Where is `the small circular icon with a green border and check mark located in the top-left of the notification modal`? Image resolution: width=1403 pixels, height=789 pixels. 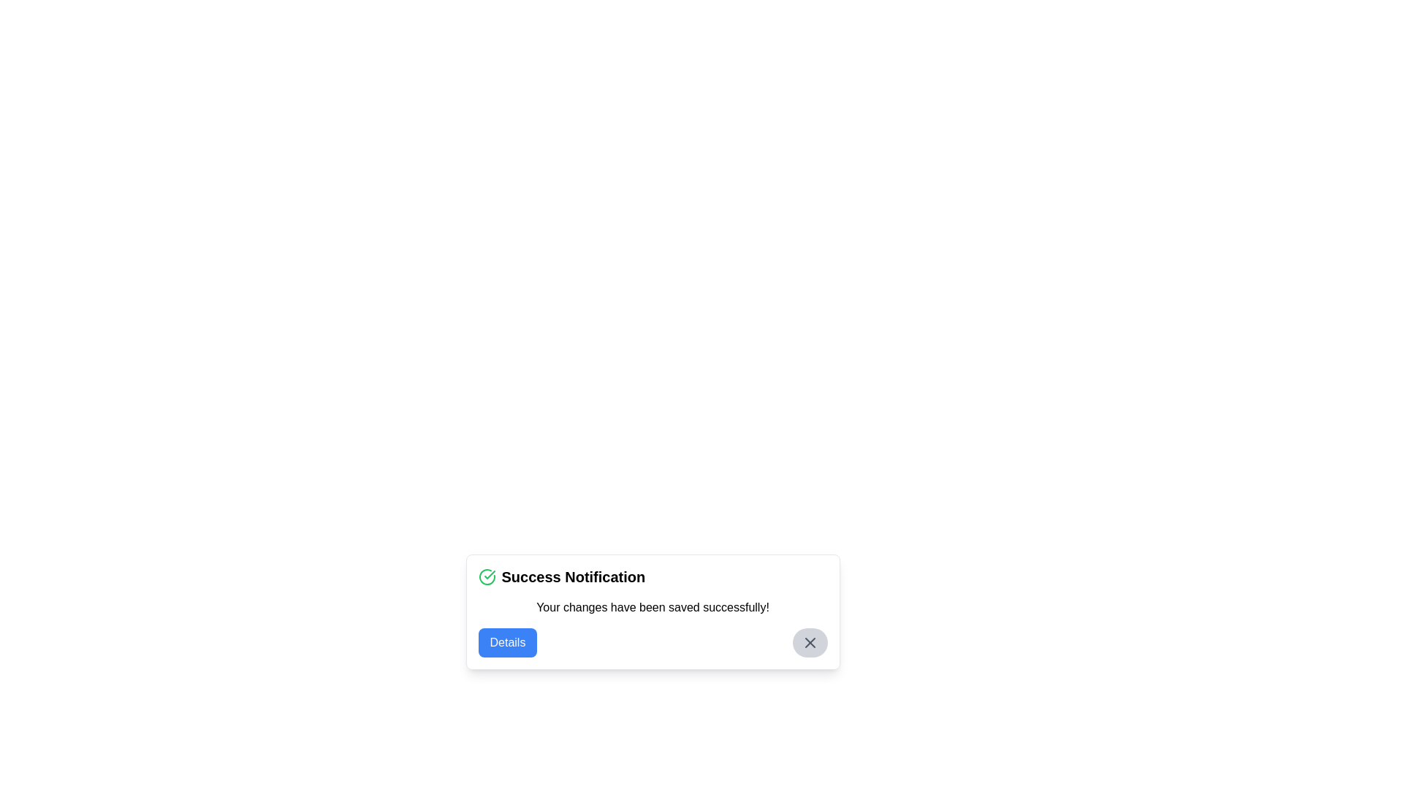
the small circular icon with a green border and check mark located in the top-left of the notification modal is located at coordinates (487, 576).